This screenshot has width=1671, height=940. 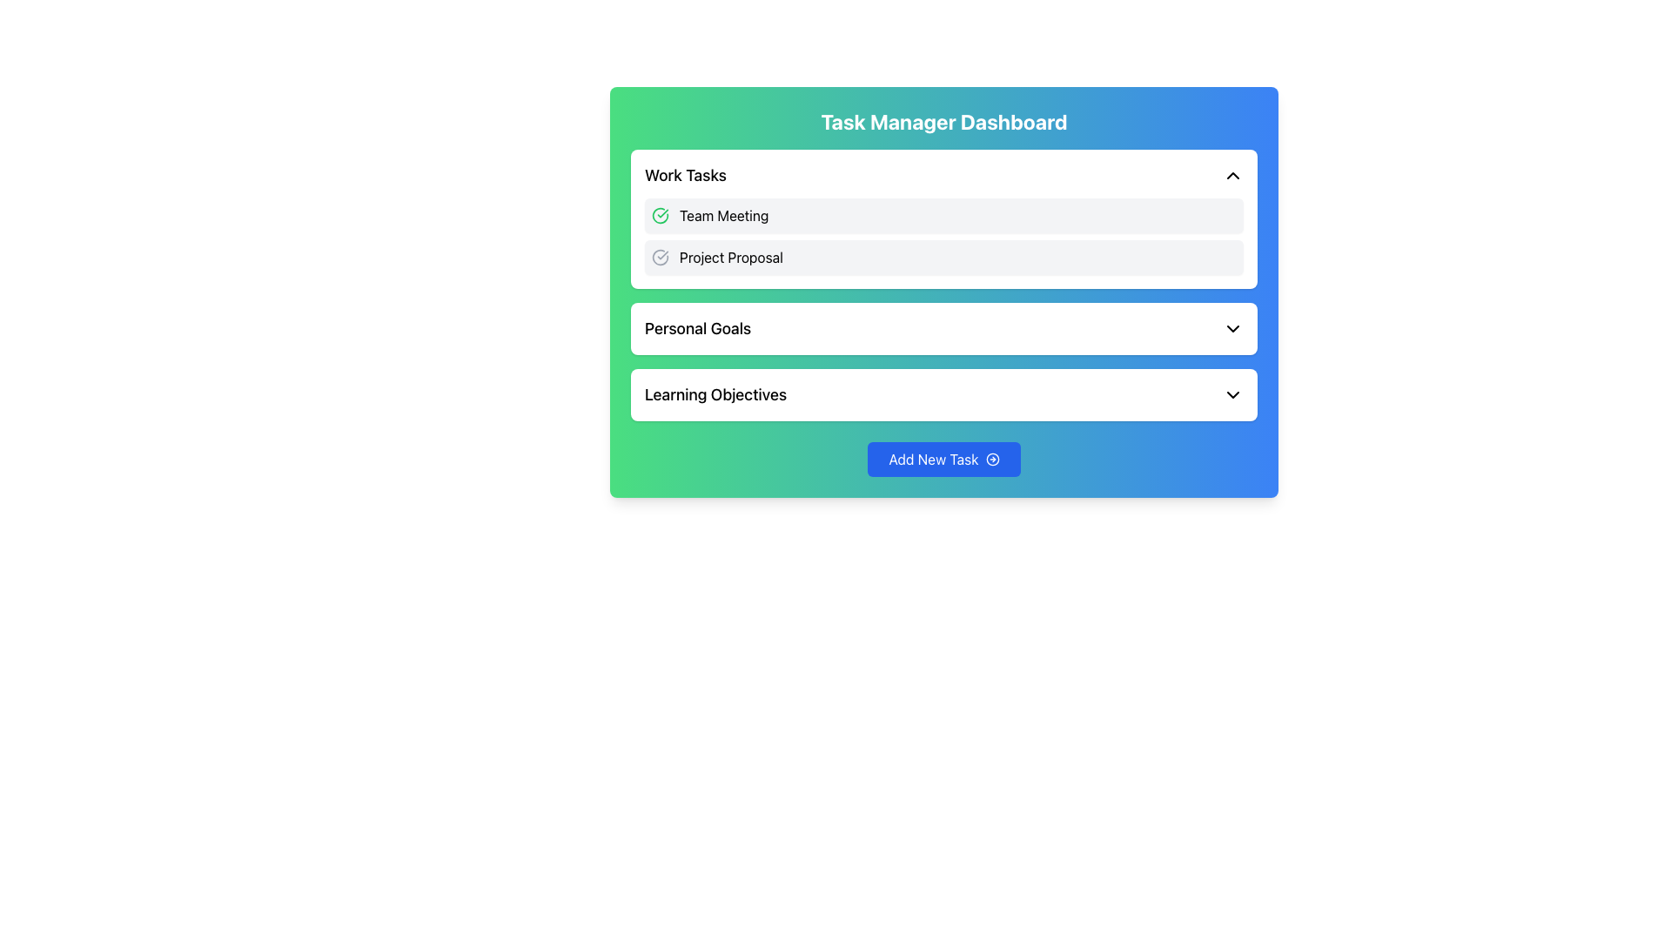 What do you see at coordinates (724, 214) in the screenshot?
I see `the 'Team Meeting' text label, which is styled in black font on a white background and located under the 'Work Tasks' category in the 'Task Manager Dashboard'` at bounding box center [724, 214].